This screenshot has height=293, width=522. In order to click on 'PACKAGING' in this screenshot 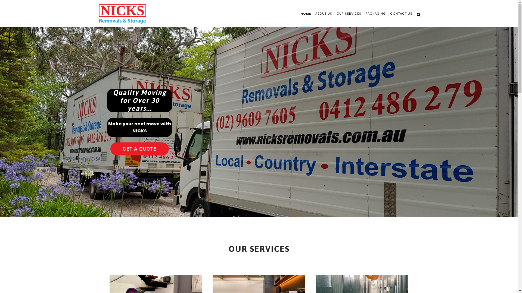, I will do `click(375, 13)`.